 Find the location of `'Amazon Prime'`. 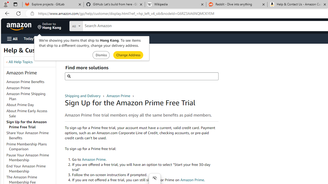

'Amazon Prime' is located at coordinates (30, 88).